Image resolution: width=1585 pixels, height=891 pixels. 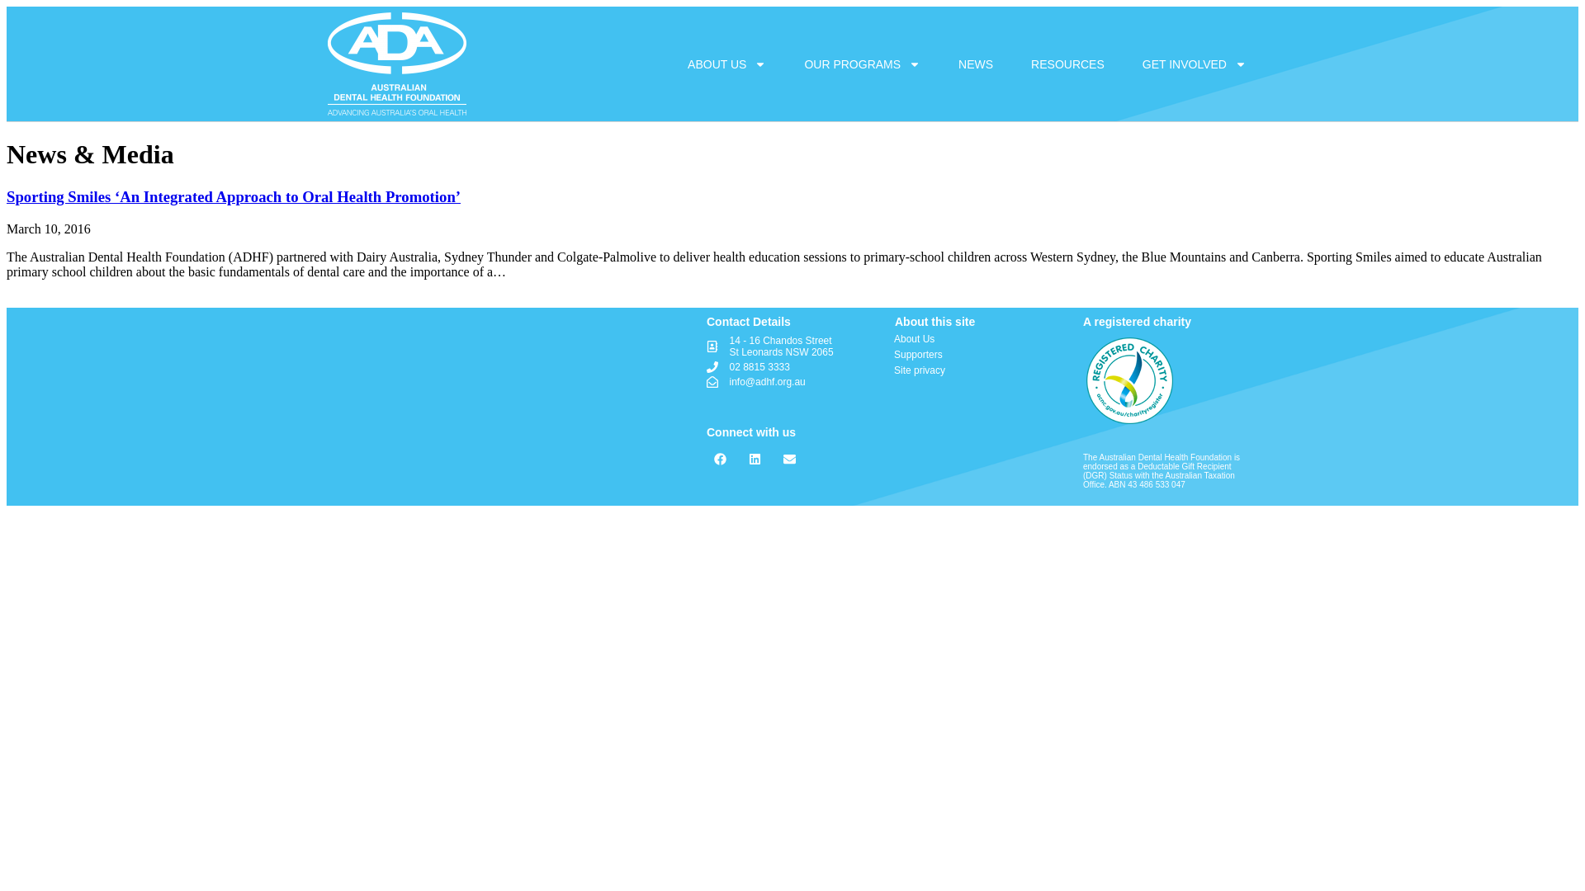 What do you see at coordinates (726, 63) in the screenshot?
I see `'ABOUT US'` at bounding box center [726, 63].